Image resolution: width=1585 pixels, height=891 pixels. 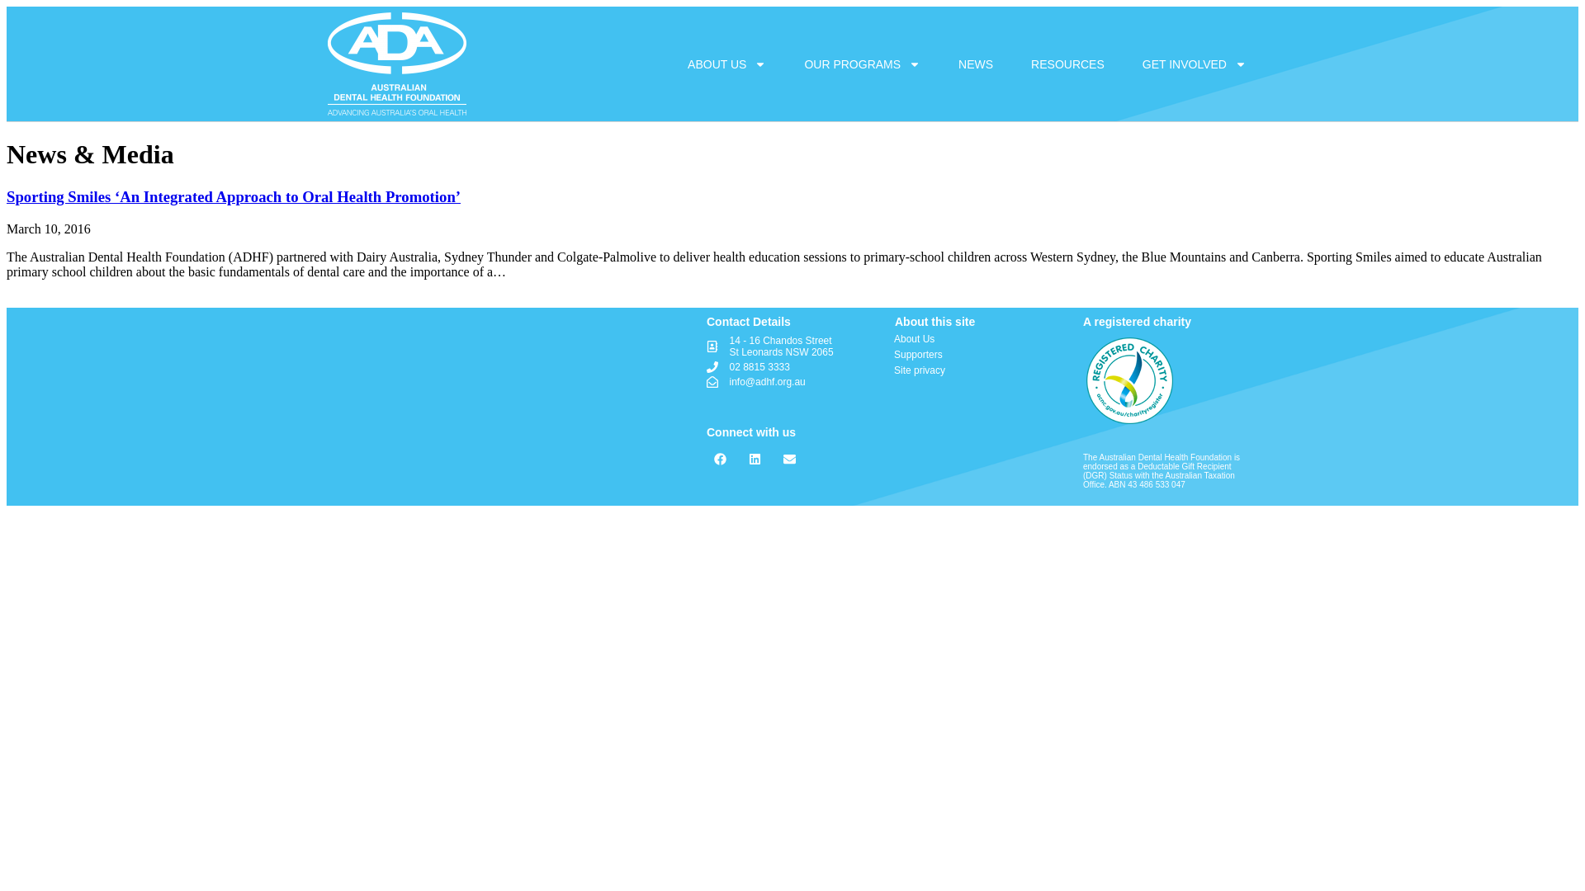 What do you see at coordinates (726, 63) in the screenshot?
I see `'ABOUT US'` at bounding box center [726, 63].